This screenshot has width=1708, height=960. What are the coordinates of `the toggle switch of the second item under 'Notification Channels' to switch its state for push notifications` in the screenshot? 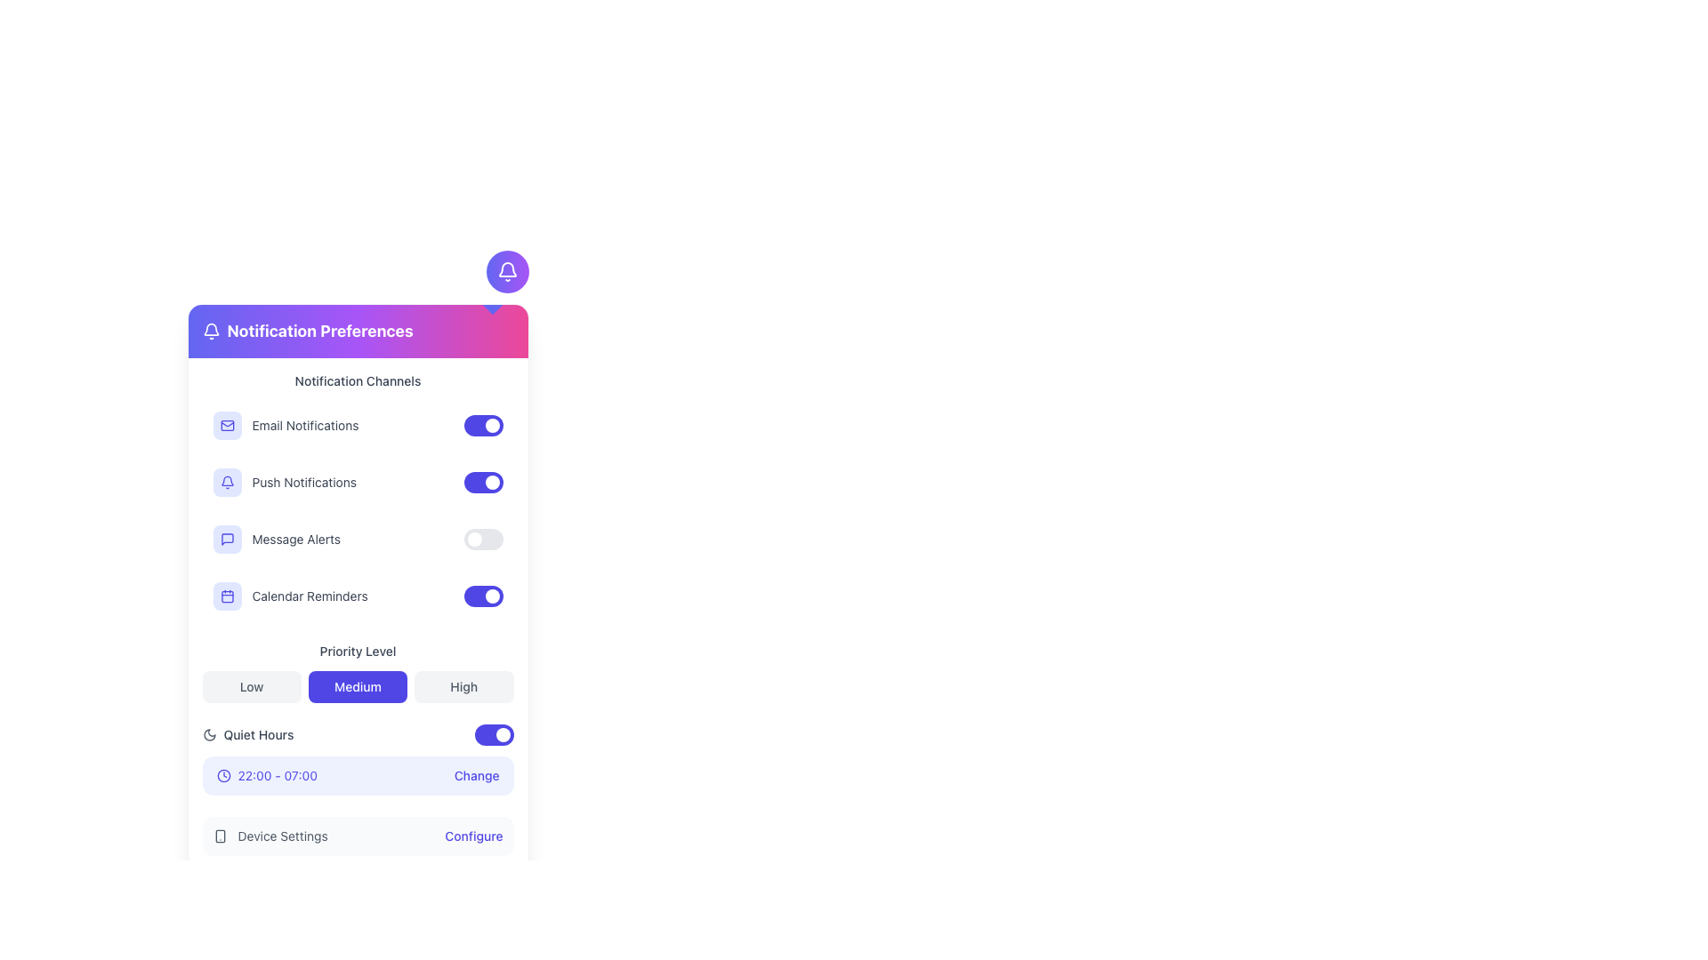 It's located at (357, 483).